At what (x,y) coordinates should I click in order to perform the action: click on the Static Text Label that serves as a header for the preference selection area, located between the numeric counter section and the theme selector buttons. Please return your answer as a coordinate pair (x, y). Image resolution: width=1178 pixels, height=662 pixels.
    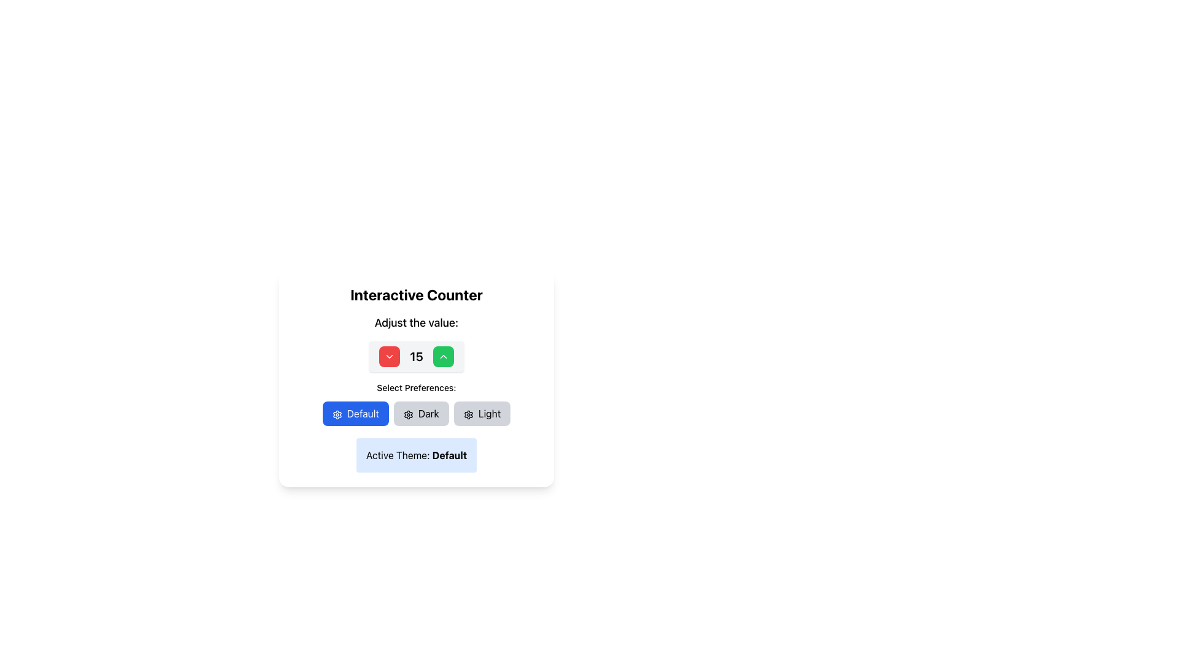
    Looking at the image, I should click on (416, 387).